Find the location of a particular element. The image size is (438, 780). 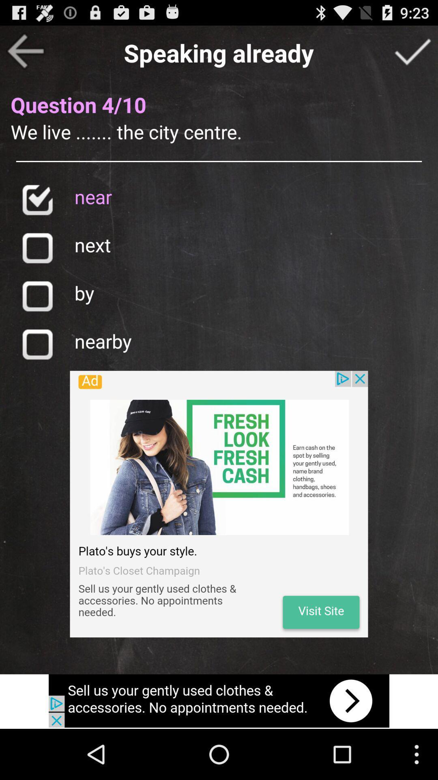

backward is located at coordinates (25, 50).